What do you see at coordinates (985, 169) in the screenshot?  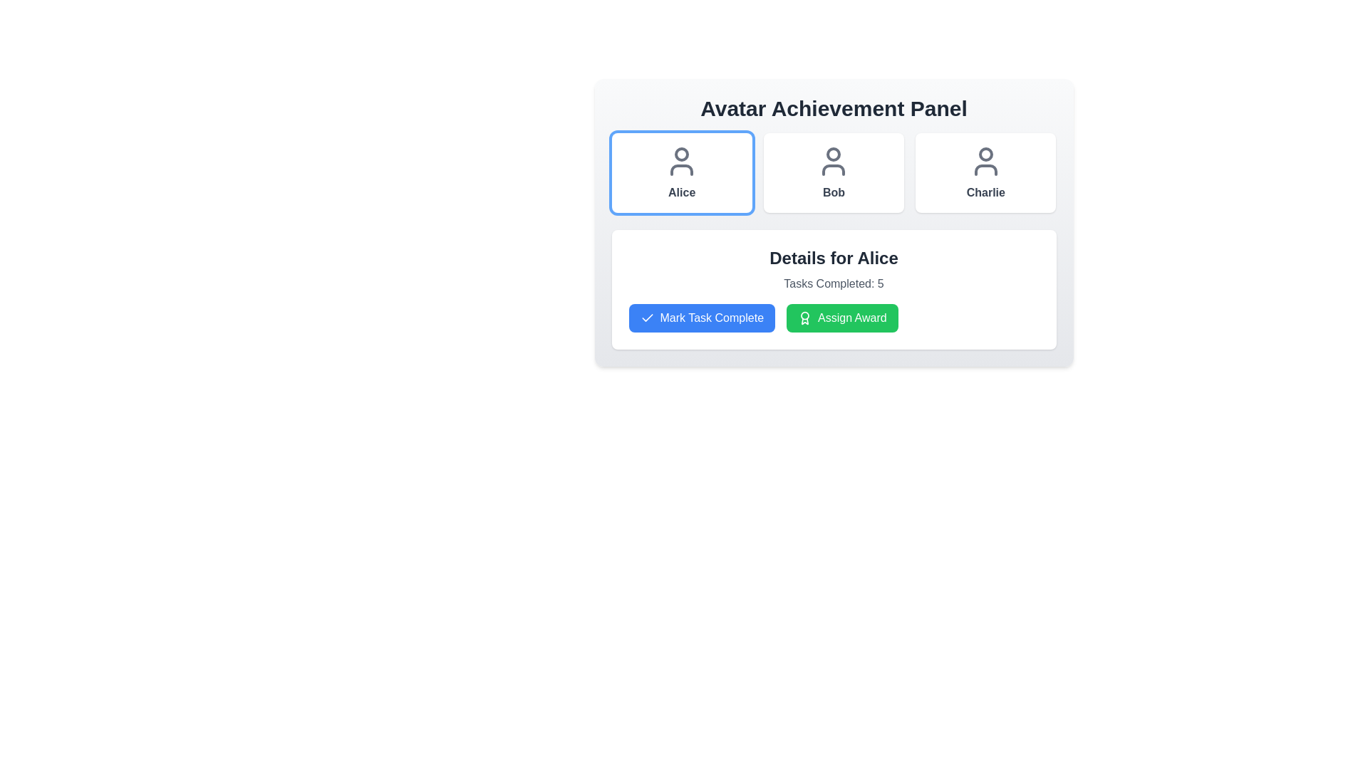 I see `the curved lower portion of the silhouette icon representing a person, specifically the torso of the user avatar for 'Charlie', located in the third column of the panel` at bounding box center [985, 169].